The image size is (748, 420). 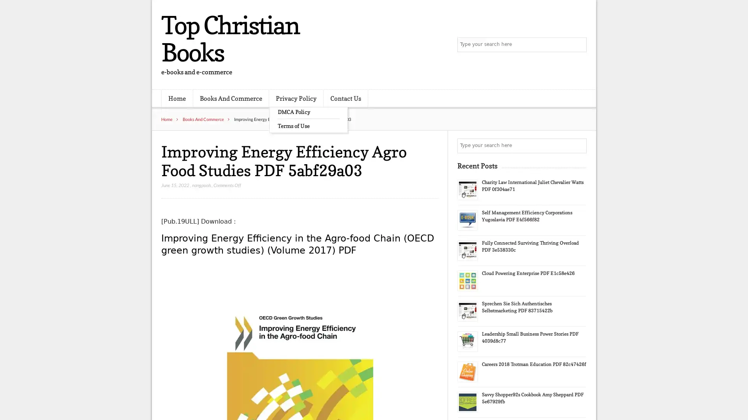 What do you see at coordinates (579, 45) in the screenshot?
I see `Search` at bounding box center [579, 45].